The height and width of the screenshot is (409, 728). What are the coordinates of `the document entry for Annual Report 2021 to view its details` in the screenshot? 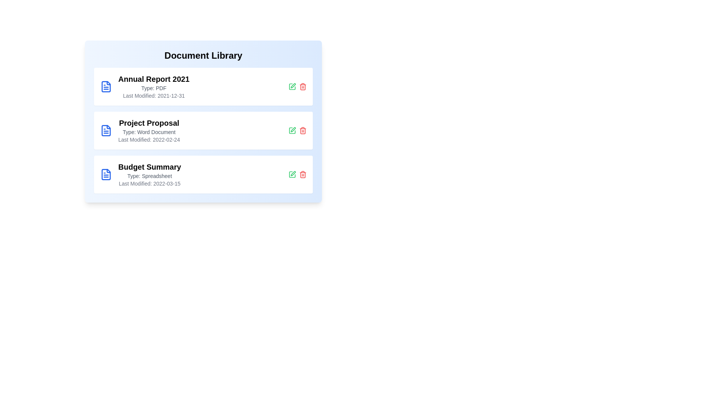 It's located at (203, 86).